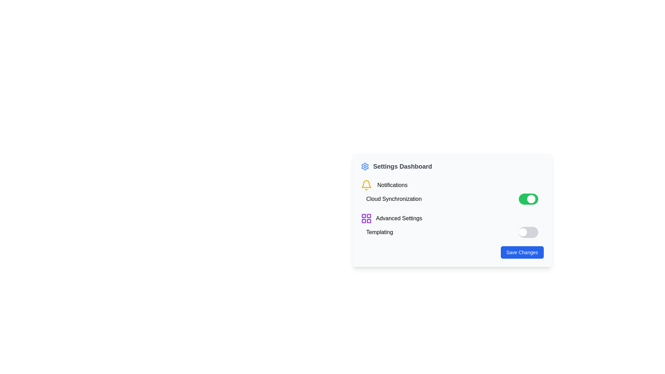 The image size is (665, 374). I want to click on the graphical icon representing advanced settings located in the third row of the menu items, just before the label 'Advanced Settings', so click(366, 219).